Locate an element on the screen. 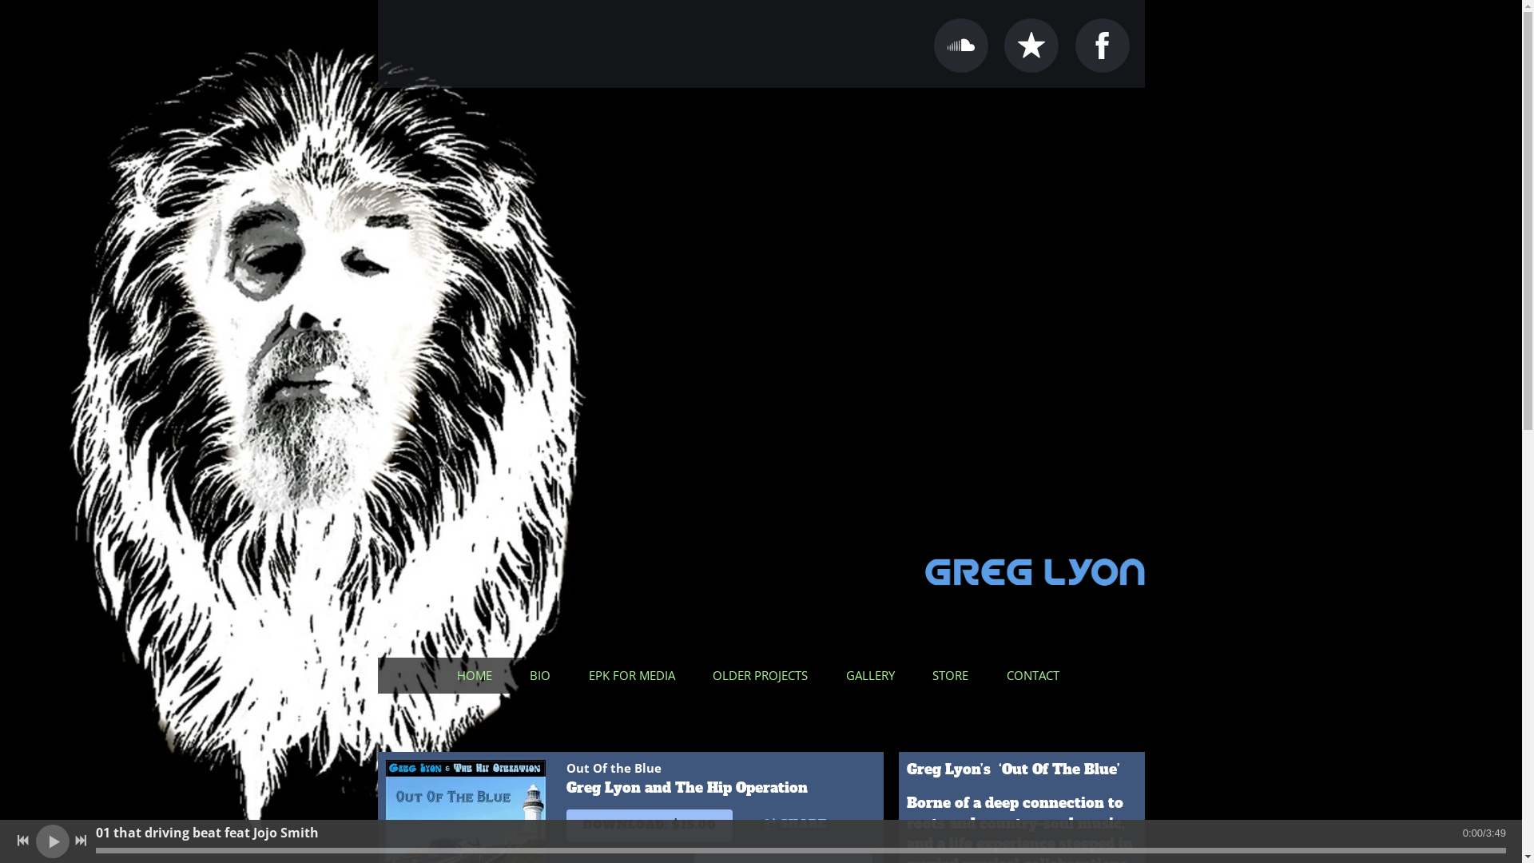  'HOME' is located at coordinates (444, 675).